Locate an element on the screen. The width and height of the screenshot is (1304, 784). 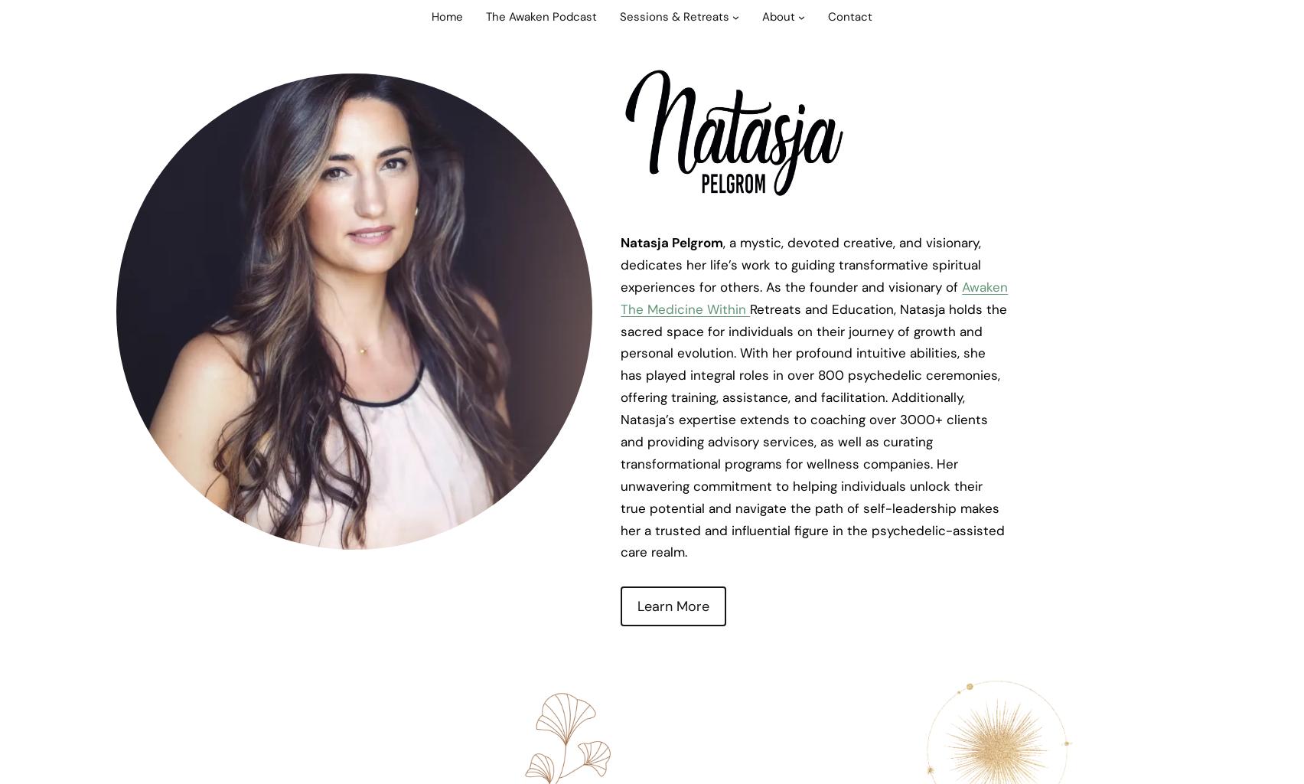
', a mystic, devoted creative, and visionary, dedicates her life’s work to guiding transformative spiritual experiences for others. As the founder and visionary of' is located at coordinates (800, 264).